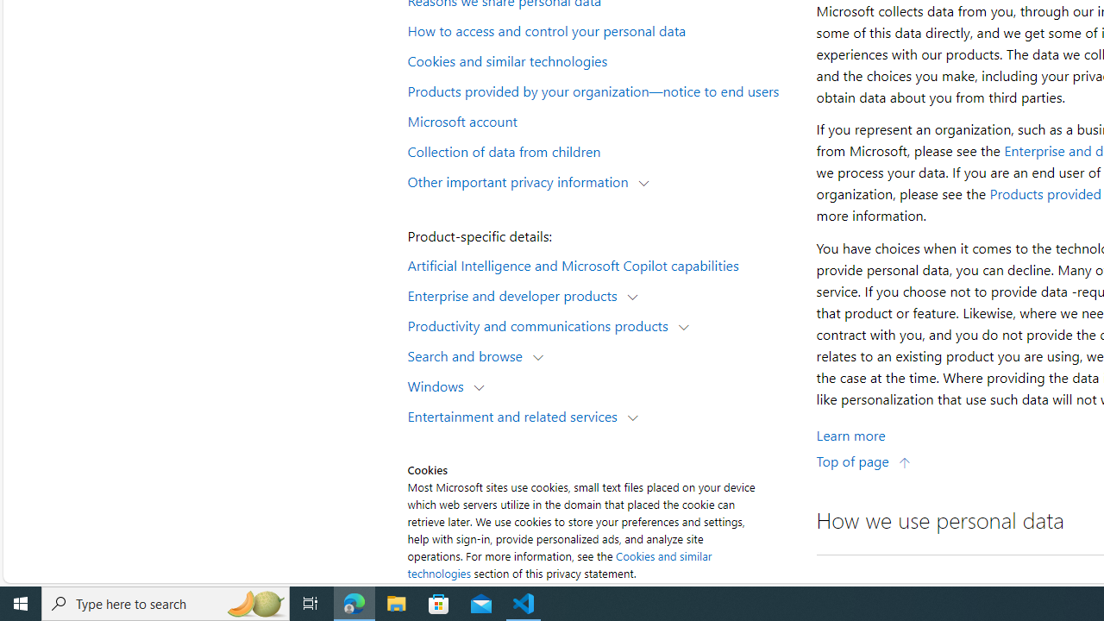  What do you see at coordinates (516, 416) in the screenshot?
I see `'Entertainment and related services'` at bounding box center [516, 416].